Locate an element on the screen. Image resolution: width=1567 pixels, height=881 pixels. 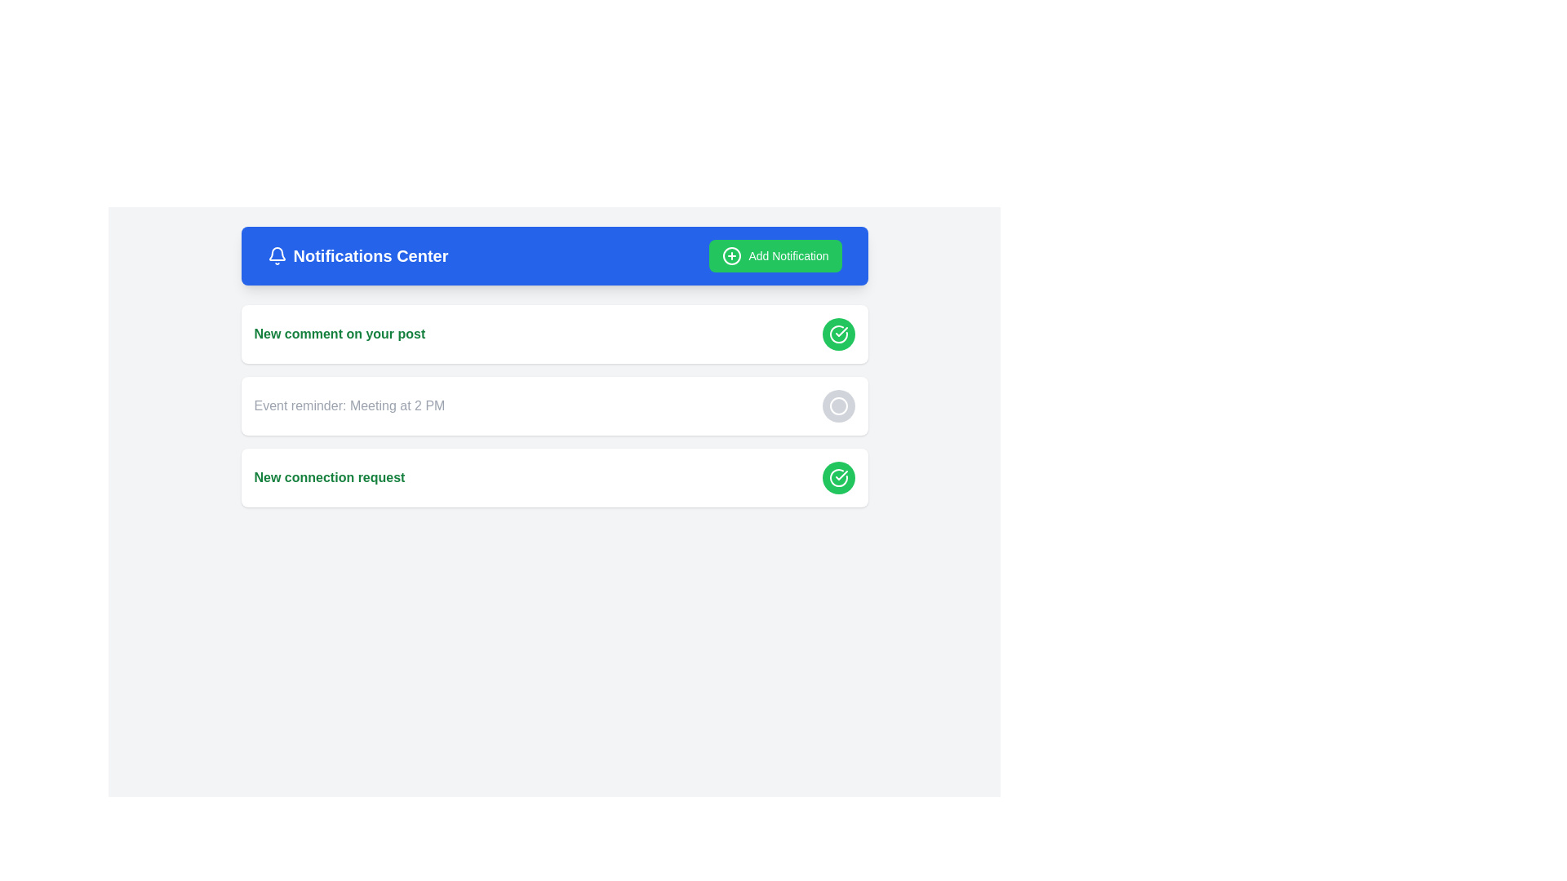
the circular button with a light gray background and a white circular icon, located to the right of the 'Event reminder: Meeting at 2 PM' text is located at coordinates (838, 405).